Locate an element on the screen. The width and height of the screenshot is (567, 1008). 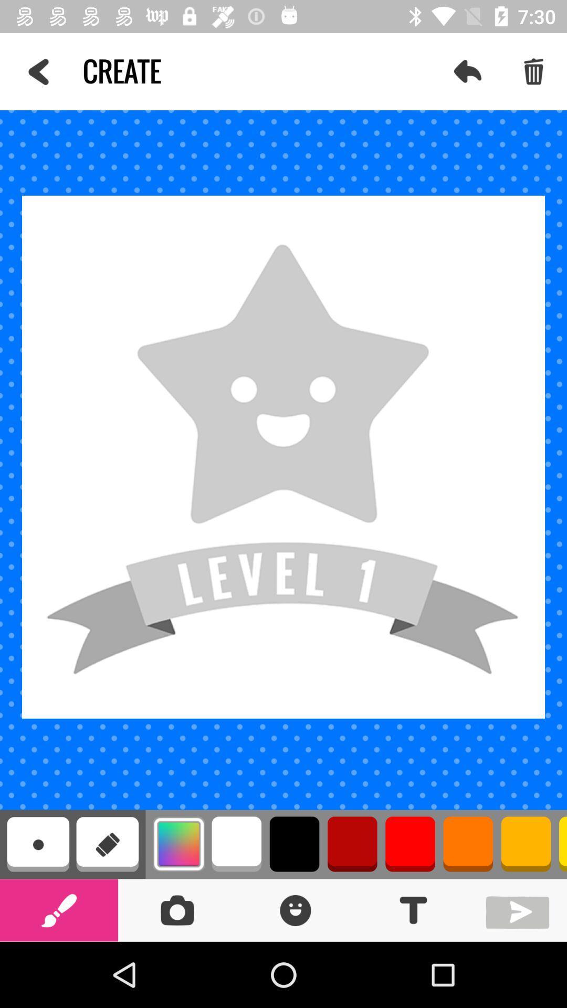
take picture is located at coordinates (176, 909).